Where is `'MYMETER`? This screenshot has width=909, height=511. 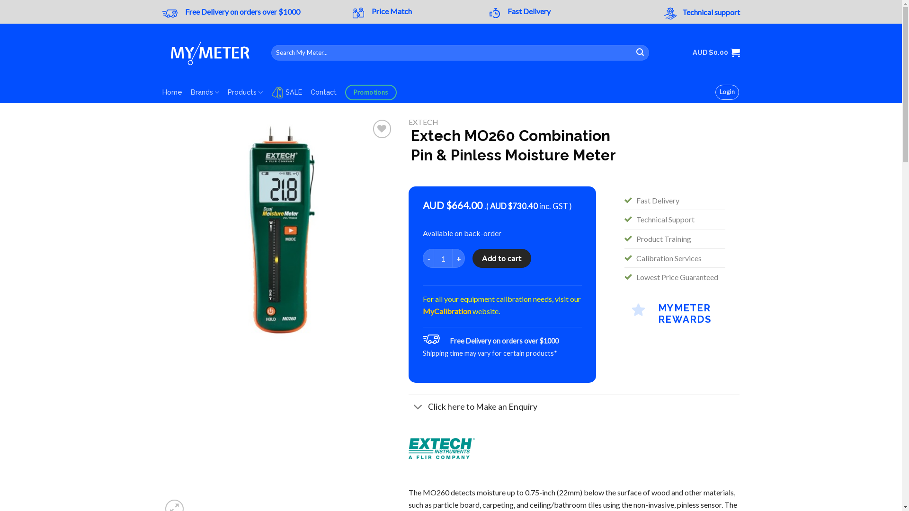
'MYMETER is located at coordinates (674, 312).